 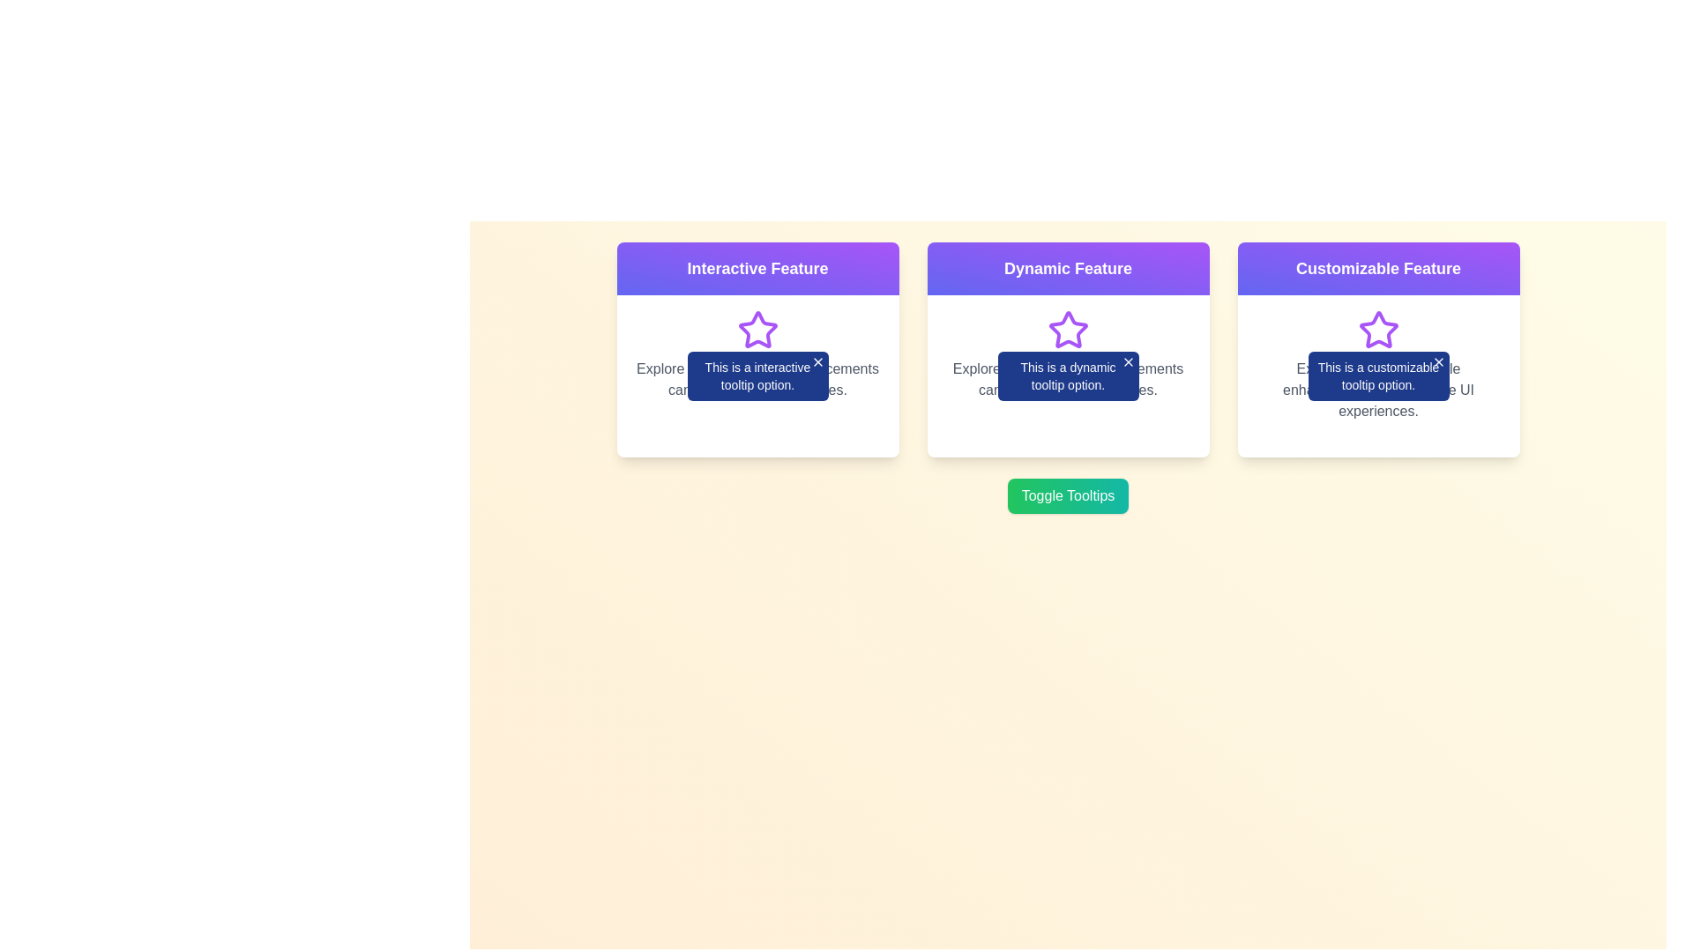 What do you see at coordinates (757, 330) in the screenshot?
I see `the star-shaped graphic icon with a purple fill located in the 'Interactive Feature' card, positioned above descriptive text` at bounding box center [757, 330].